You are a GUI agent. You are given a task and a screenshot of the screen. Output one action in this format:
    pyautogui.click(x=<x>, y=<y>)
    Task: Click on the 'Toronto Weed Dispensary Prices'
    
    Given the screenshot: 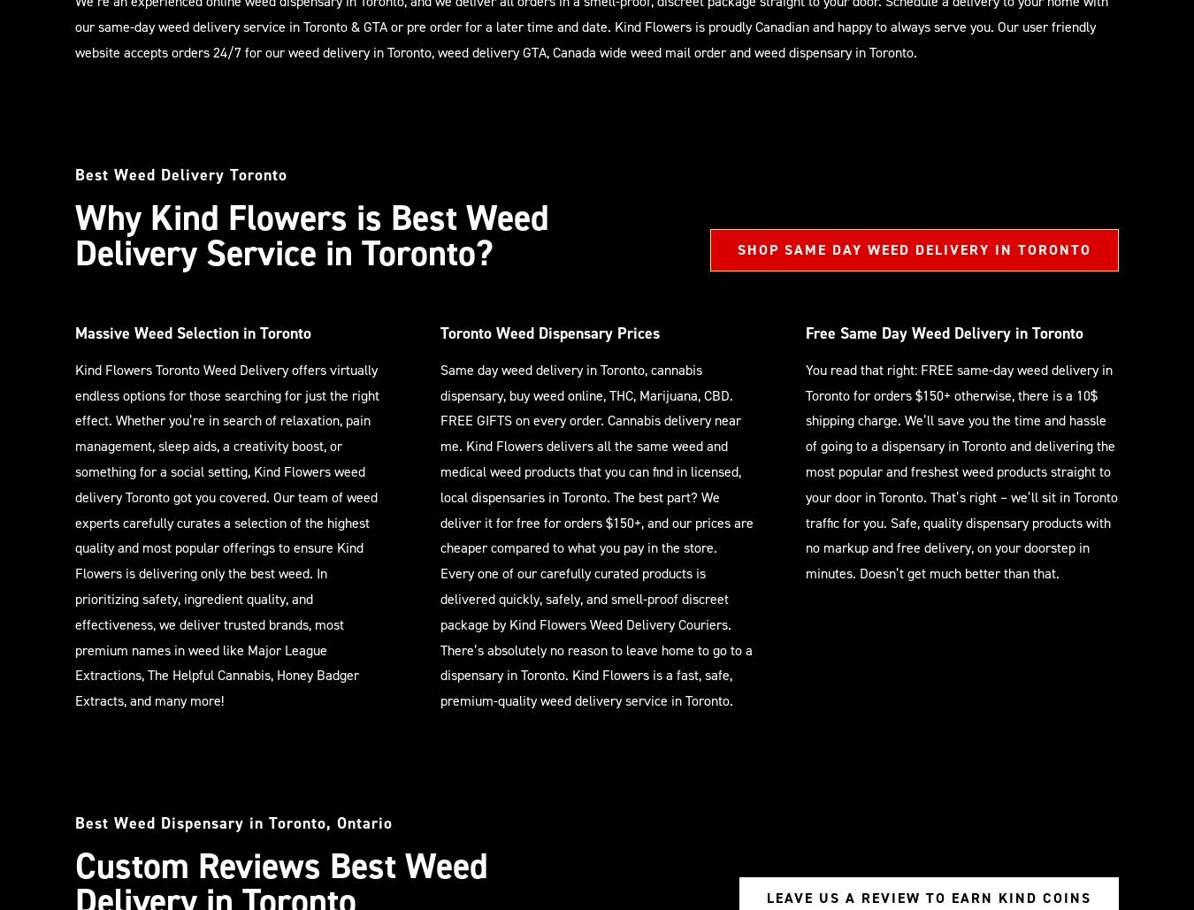 What is the action you would take?
    pyautogui.click(x=549, y=333)
    